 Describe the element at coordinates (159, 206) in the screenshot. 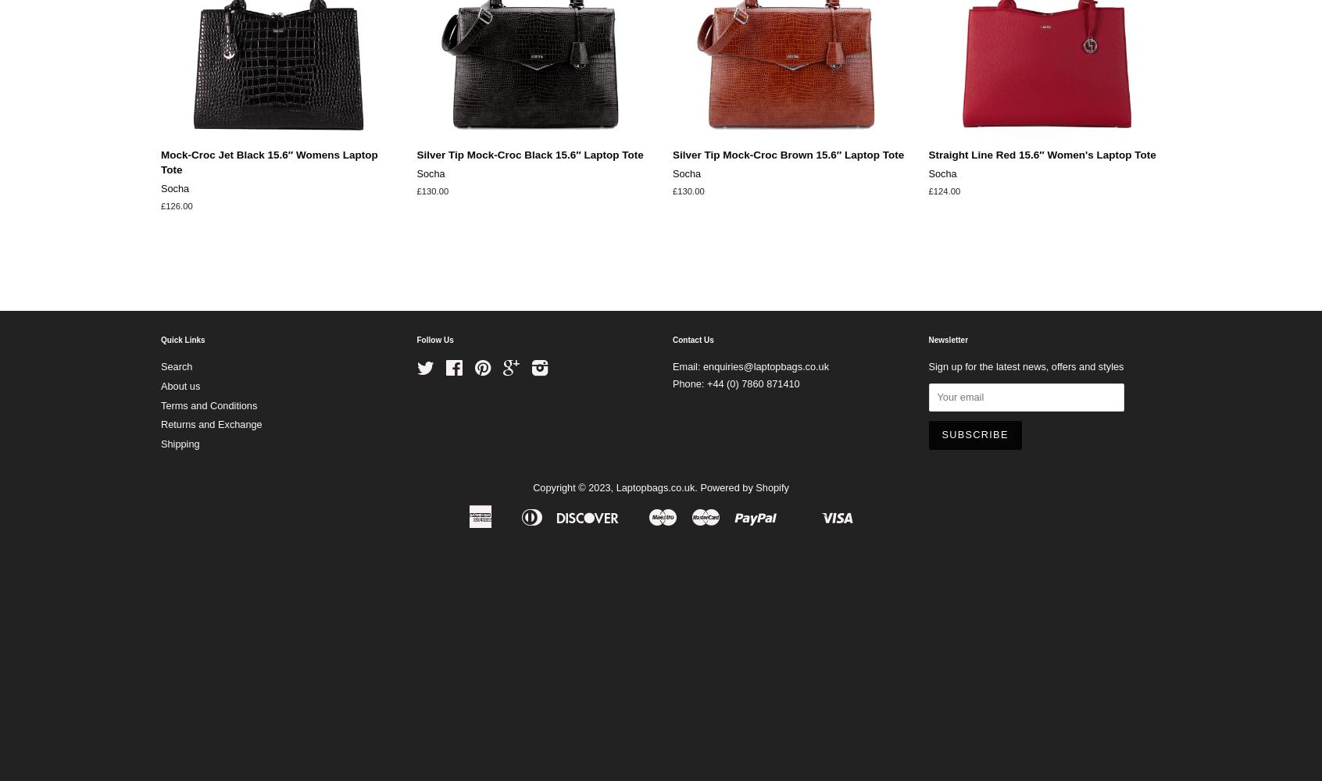

I see `'£126.00'` at that location.